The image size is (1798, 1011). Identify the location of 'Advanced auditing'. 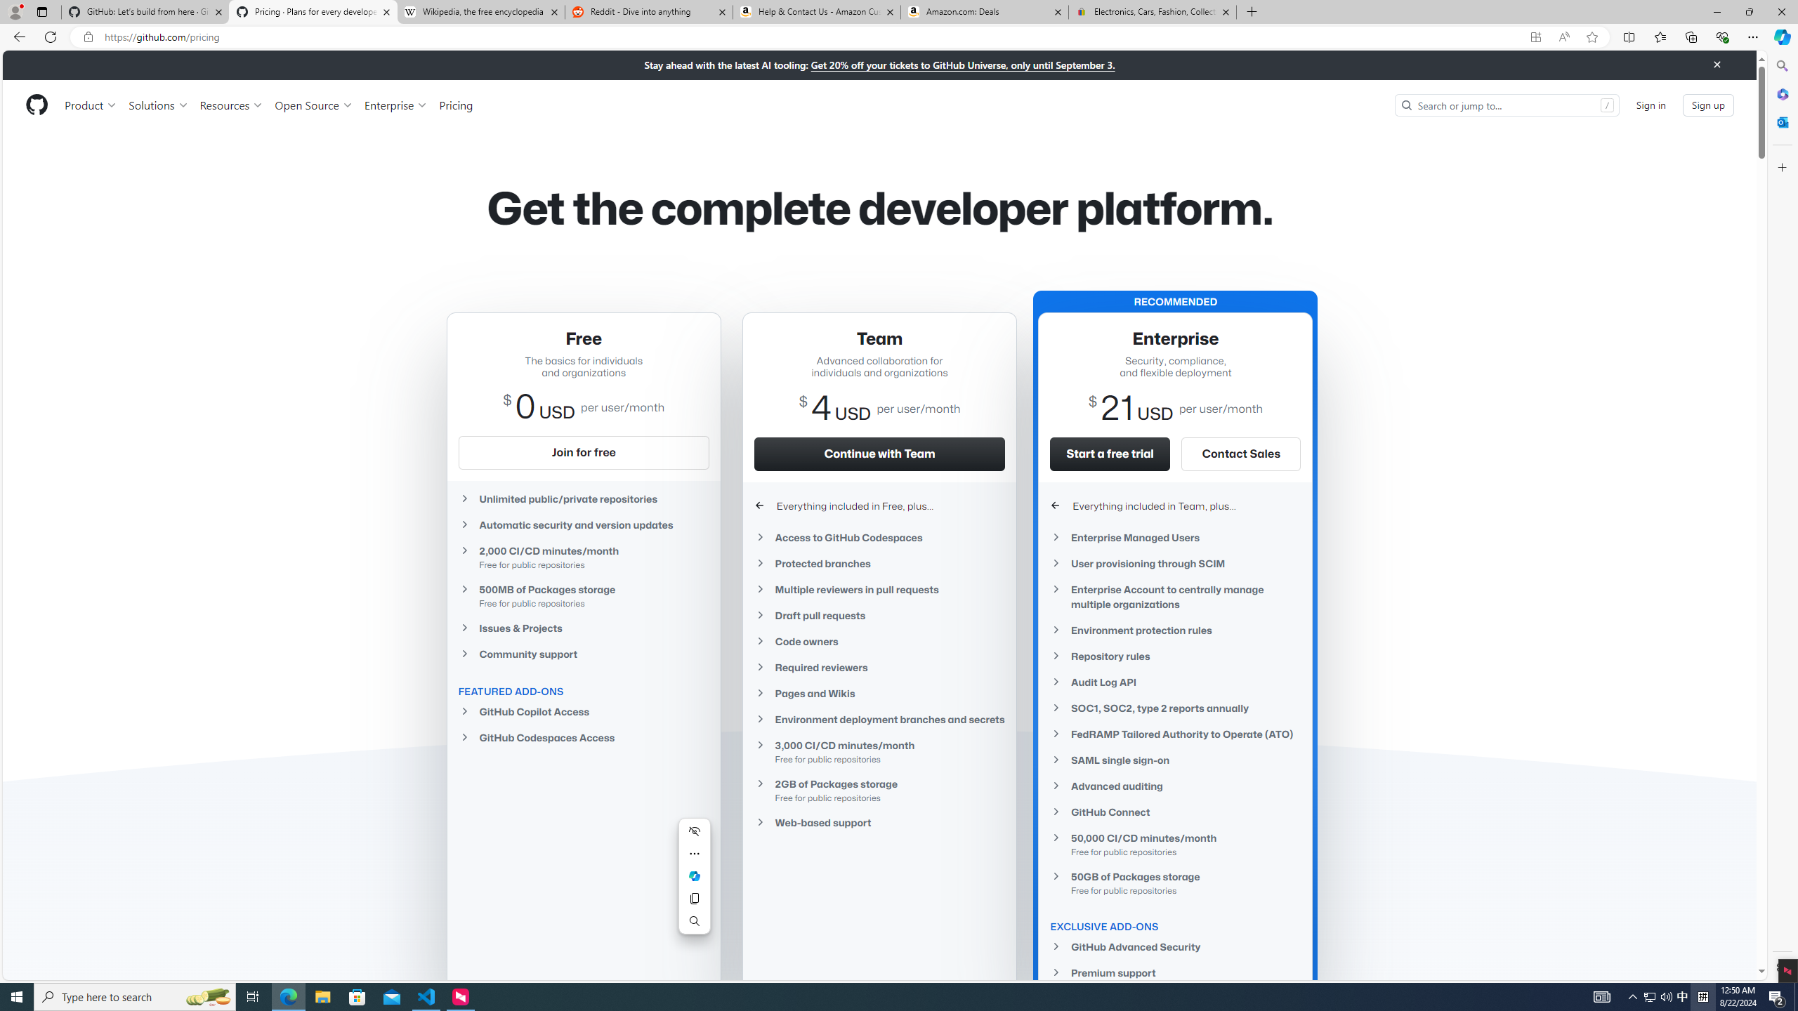
(1176, 786).